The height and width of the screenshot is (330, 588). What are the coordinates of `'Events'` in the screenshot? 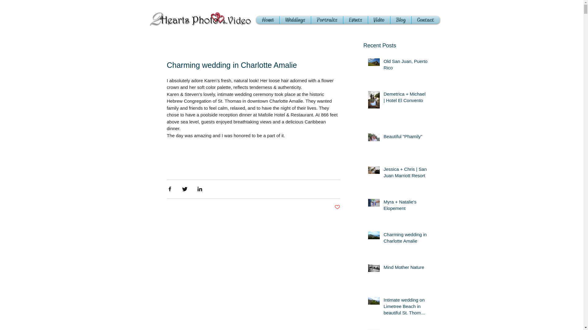 It's located at (355, 20).